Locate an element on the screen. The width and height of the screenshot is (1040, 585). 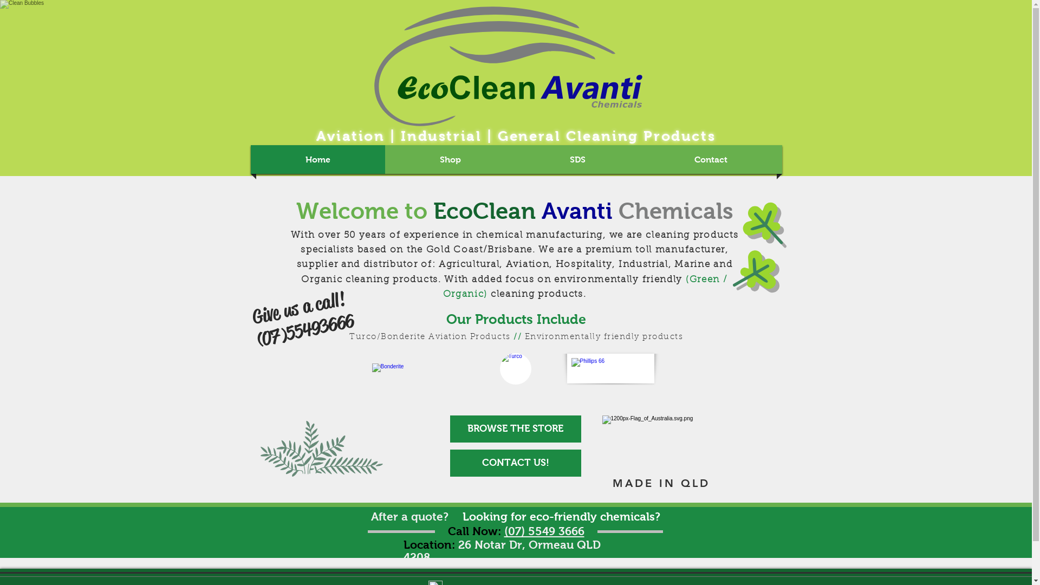
'Shop' is located at coordinates (450, 159).